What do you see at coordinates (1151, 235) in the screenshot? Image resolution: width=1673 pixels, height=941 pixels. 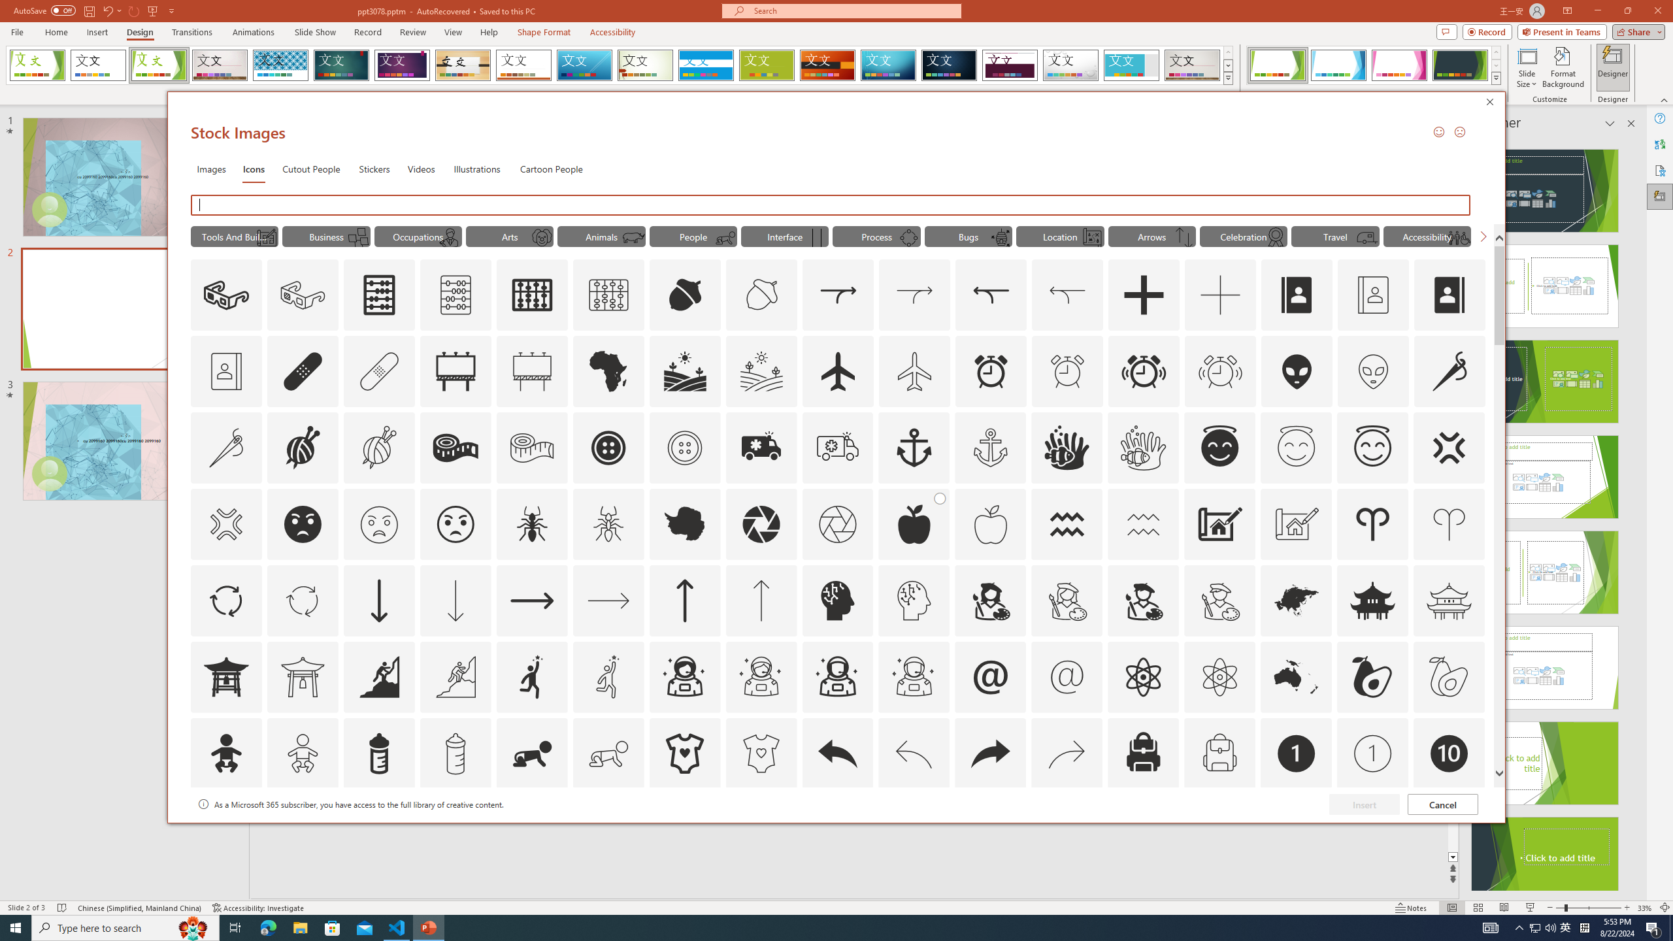 I see `'"Arrows" Icons.'` at bounding box center [1151, 235].